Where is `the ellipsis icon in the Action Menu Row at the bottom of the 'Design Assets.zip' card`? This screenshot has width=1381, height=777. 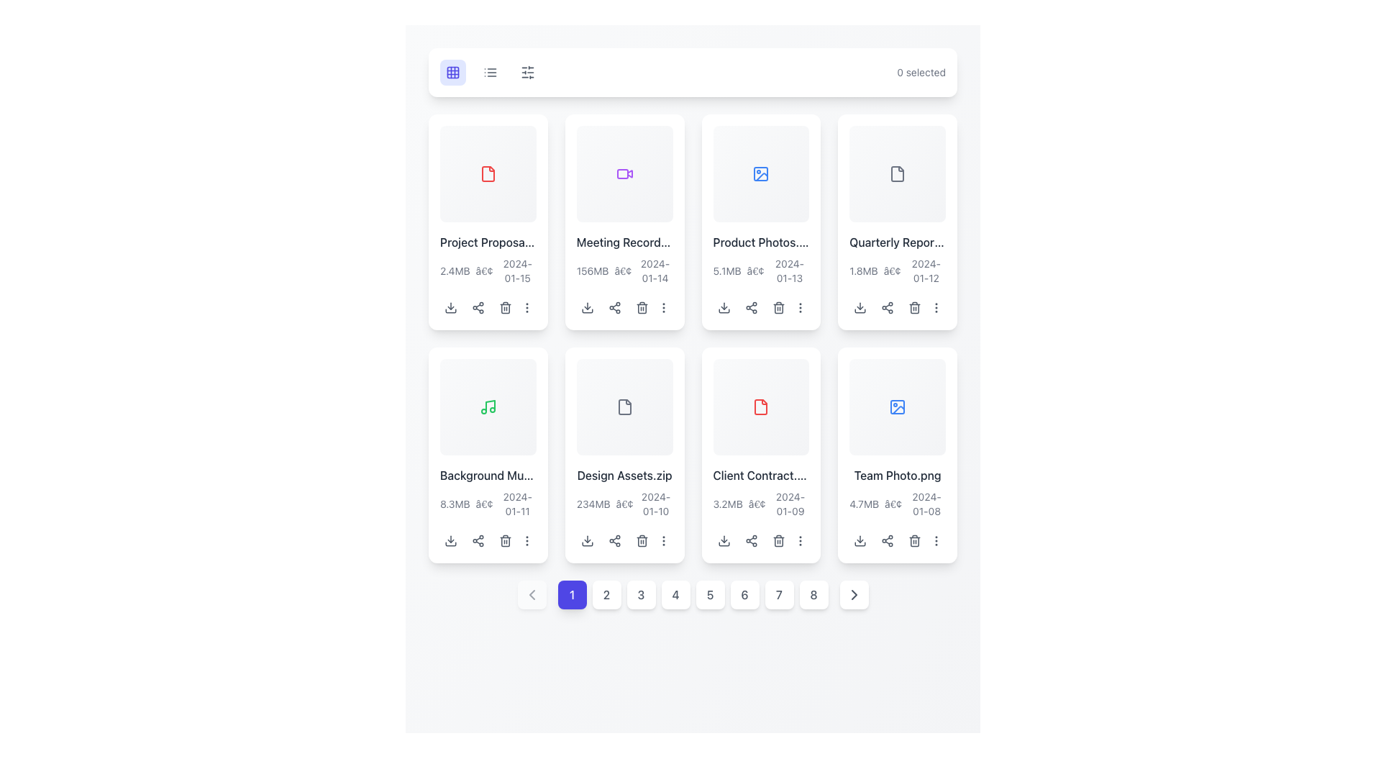 the ellipsis icon in the Action Menu Row at the bottom of the 'Design Assets.zip' card is located at coordinates (624, 540).